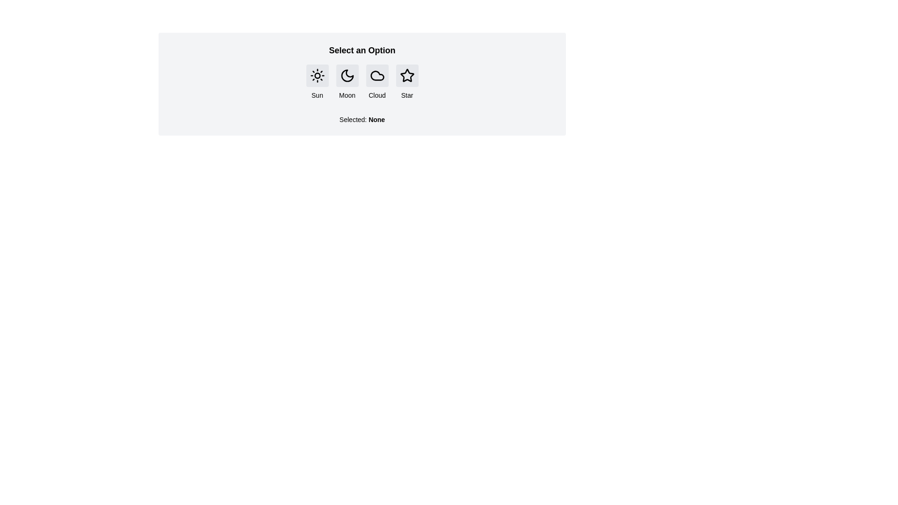 The height and width of the screenshot is (505, 898). Describe the element at coordinates (347, 82) in the screenshot. I see `the 'Moon' interactive button with an icon and text label` at that location.